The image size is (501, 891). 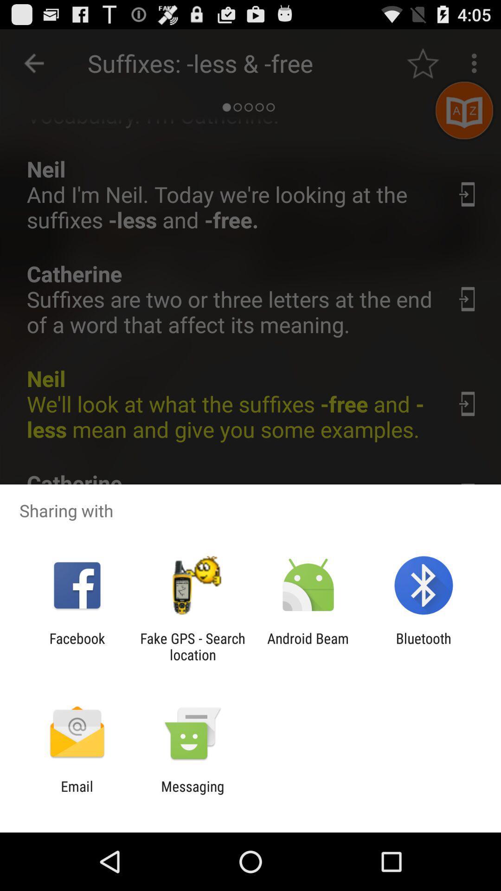 What do you see at coordinates (308, 646) in the screenshot?
I see `the android beam item` at bounding box center [308, 646].